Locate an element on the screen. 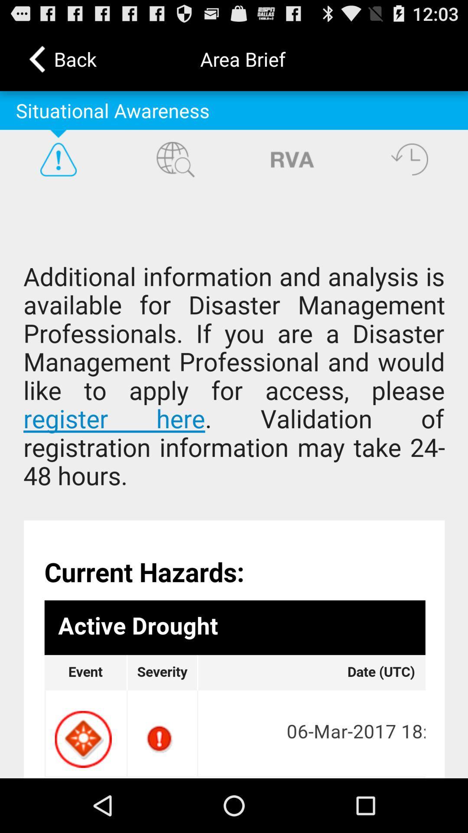  search is located at coordinates (175, 159).